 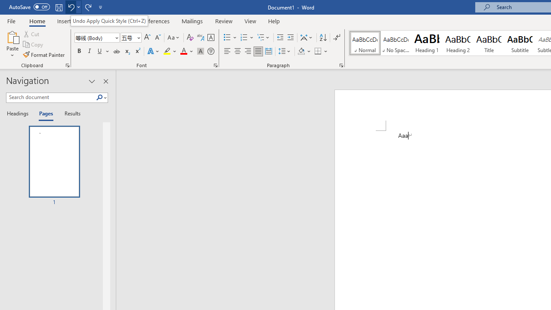 What do you see at coordinates (137, 51) in the screenshot?
I see `'Superscript'` at bounding box center [137, 51].